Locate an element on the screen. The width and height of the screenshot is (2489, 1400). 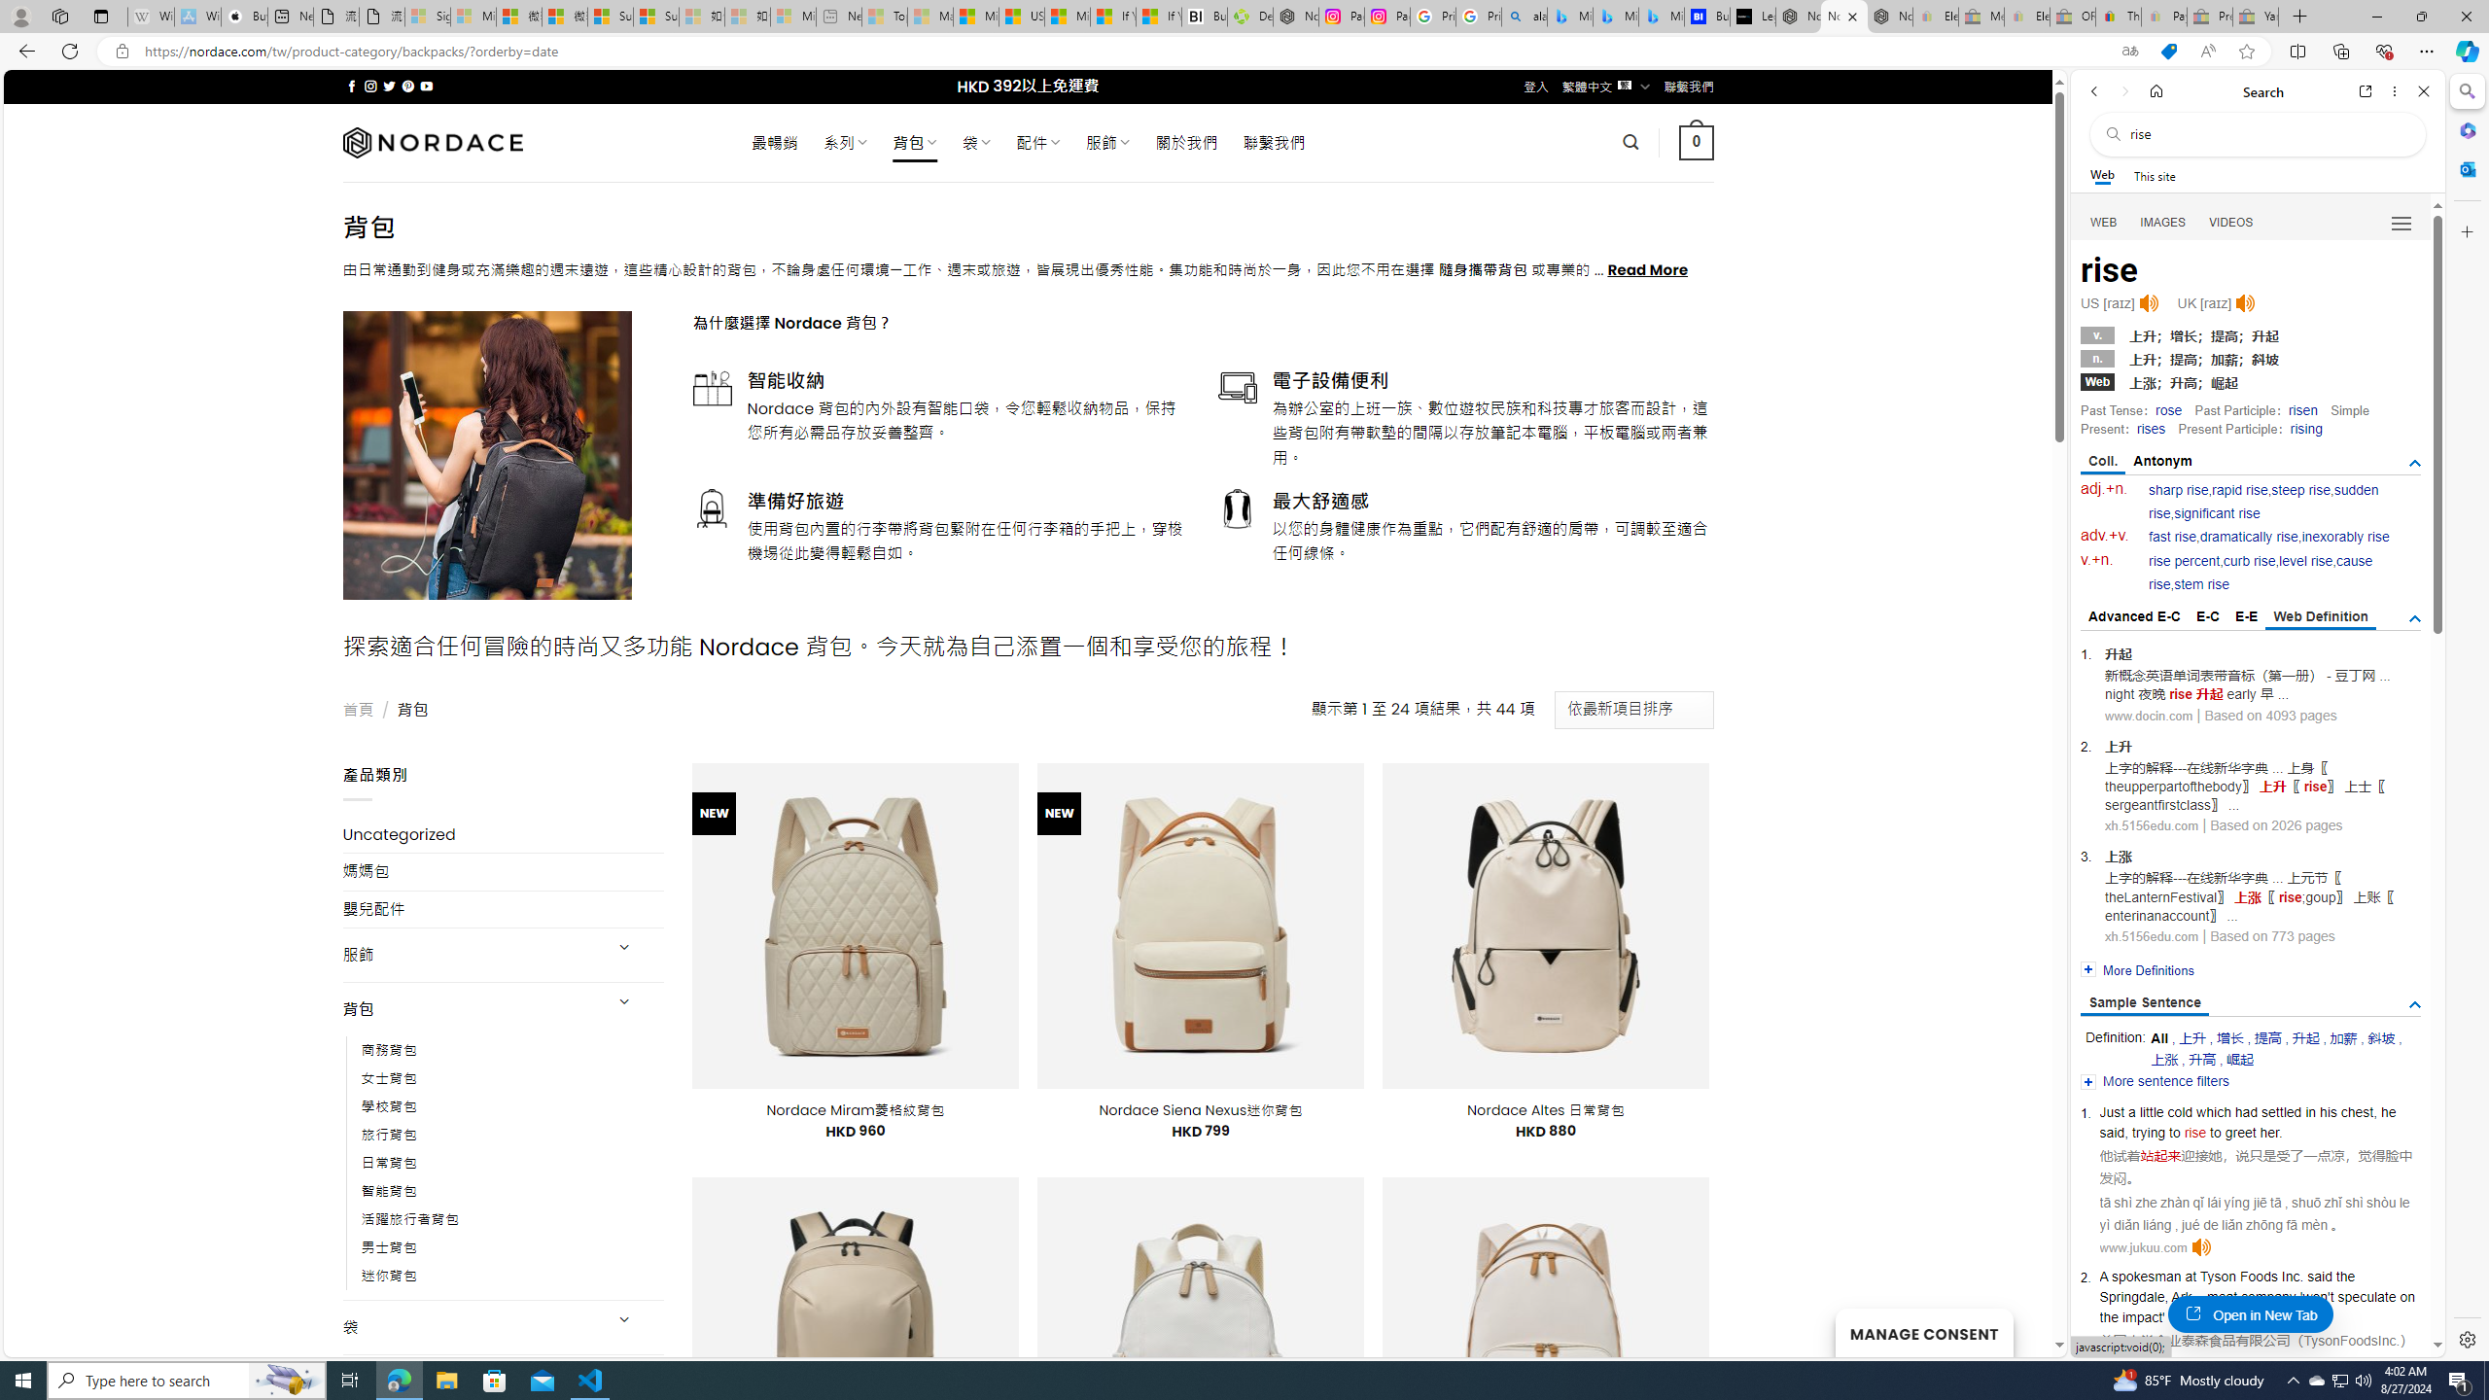
'Microsoft Services Agreement - Sleeping' is located at coordinates (473, 16).